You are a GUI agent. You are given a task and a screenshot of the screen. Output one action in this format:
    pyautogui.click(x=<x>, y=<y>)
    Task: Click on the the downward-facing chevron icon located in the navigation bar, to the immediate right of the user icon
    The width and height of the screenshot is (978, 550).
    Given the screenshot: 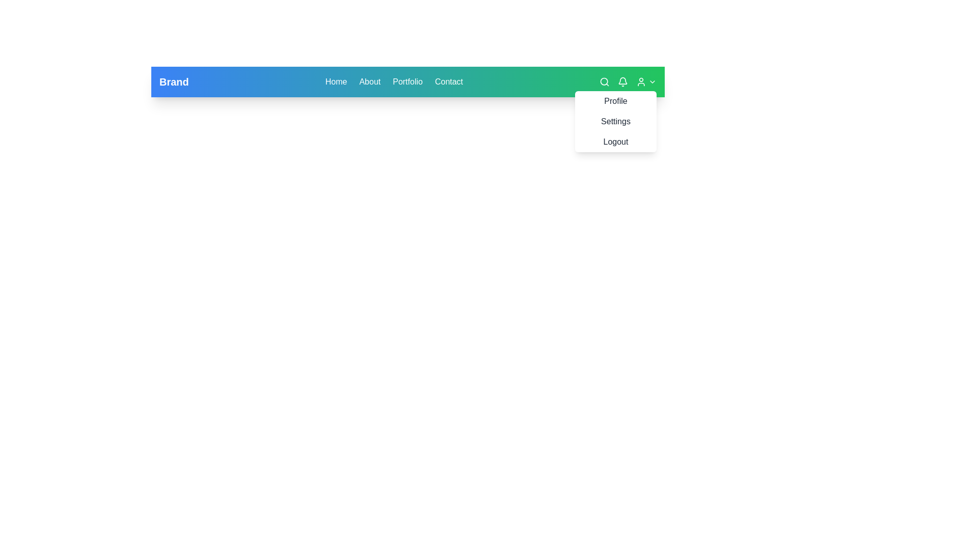 What is the action you would take?
    pyautogui.click(x=653, y=81)
    